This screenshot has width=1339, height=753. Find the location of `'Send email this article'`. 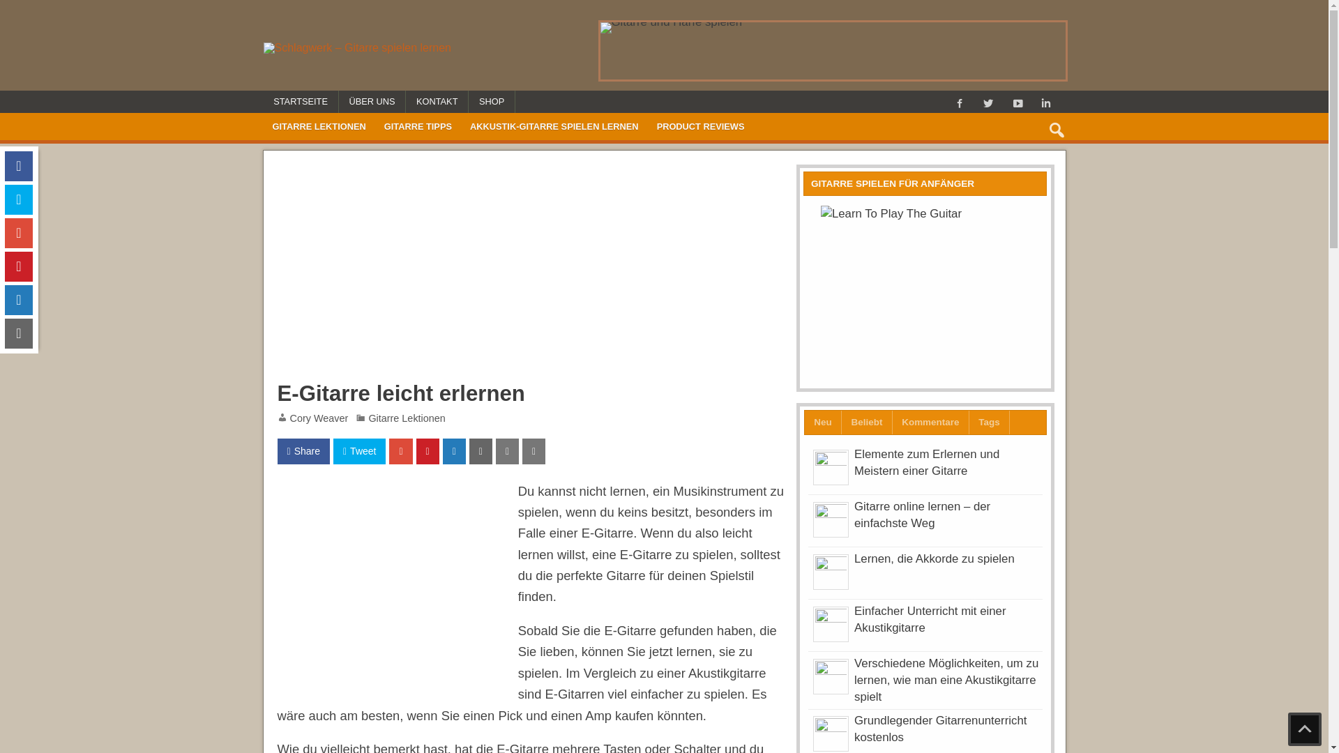

'Send email this article' is located at coordinates (481, 451).